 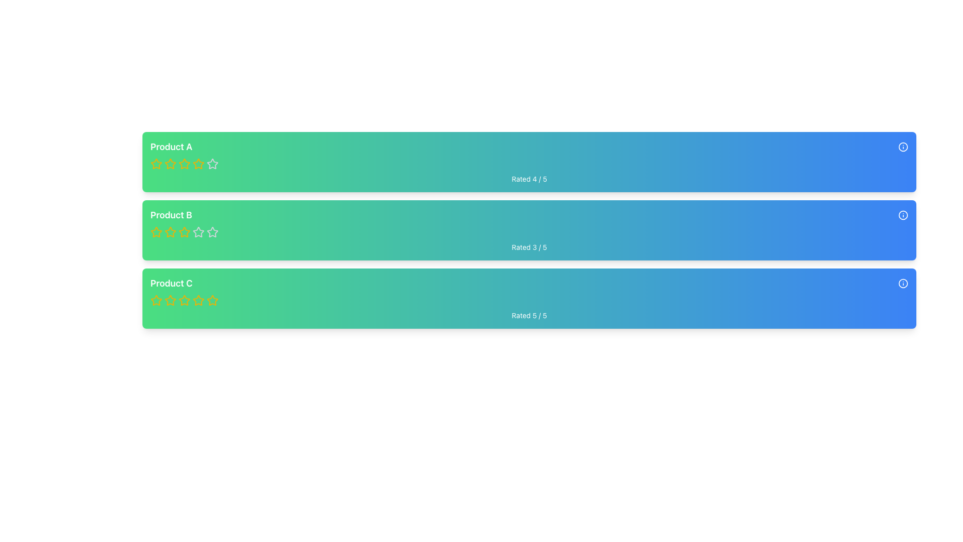 What do you see at coordinates (212, 163) in the screenshot?
I see `the fourth star icon in the rating component for 'Product A' to rate it as 4 points` at bounding box center [212, 163].